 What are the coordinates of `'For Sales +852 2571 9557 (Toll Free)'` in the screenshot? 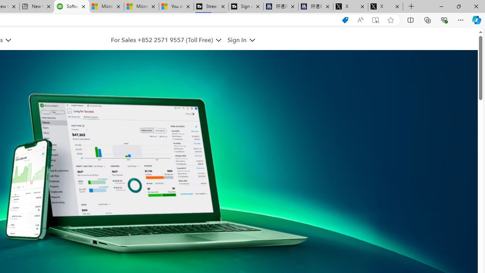 It's located at (161, 40).